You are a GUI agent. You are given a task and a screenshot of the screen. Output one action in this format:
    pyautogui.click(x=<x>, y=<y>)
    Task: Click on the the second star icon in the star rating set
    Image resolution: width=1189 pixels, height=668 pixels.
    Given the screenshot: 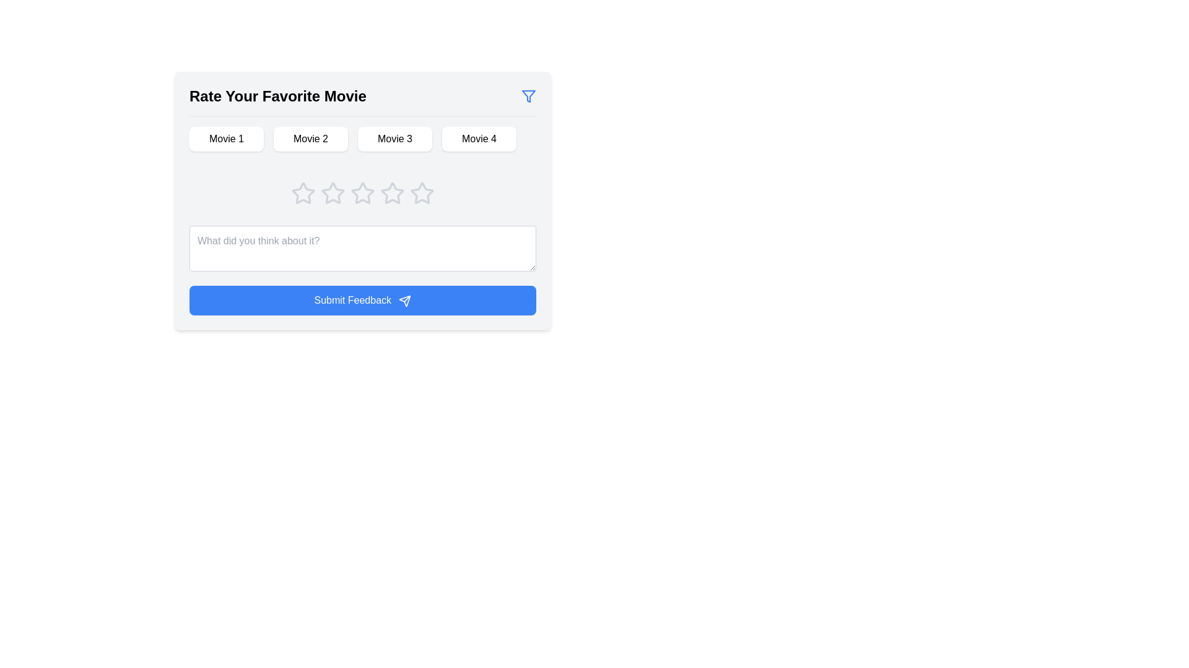 What is the action you would take?
    pyautogui.click(x=362, y=193)
    